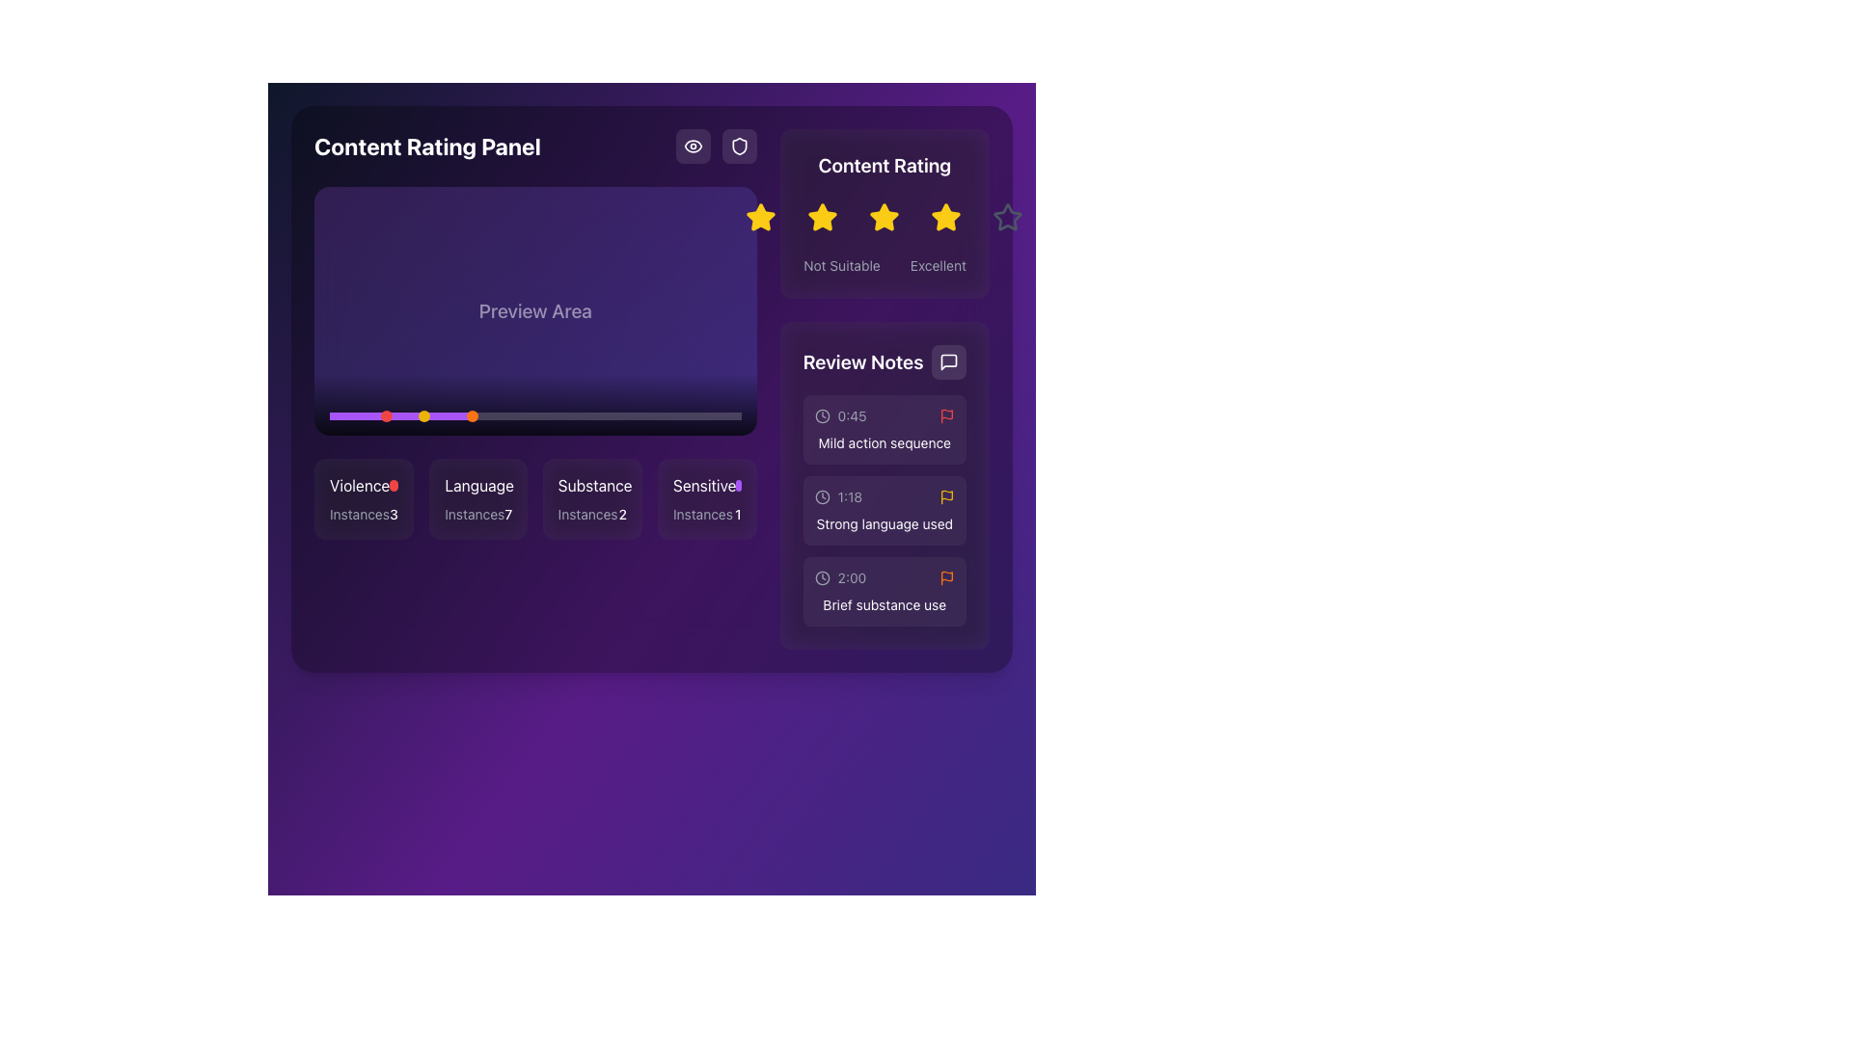 This screenshot has height=1041, width=1852. What do you see at coordinates (948, 361) in the screenshot?
I see `the rounded rectangular button with a speech bubble icon located to the right of the 'Review Notes' section` at bounding box center [948, 361].